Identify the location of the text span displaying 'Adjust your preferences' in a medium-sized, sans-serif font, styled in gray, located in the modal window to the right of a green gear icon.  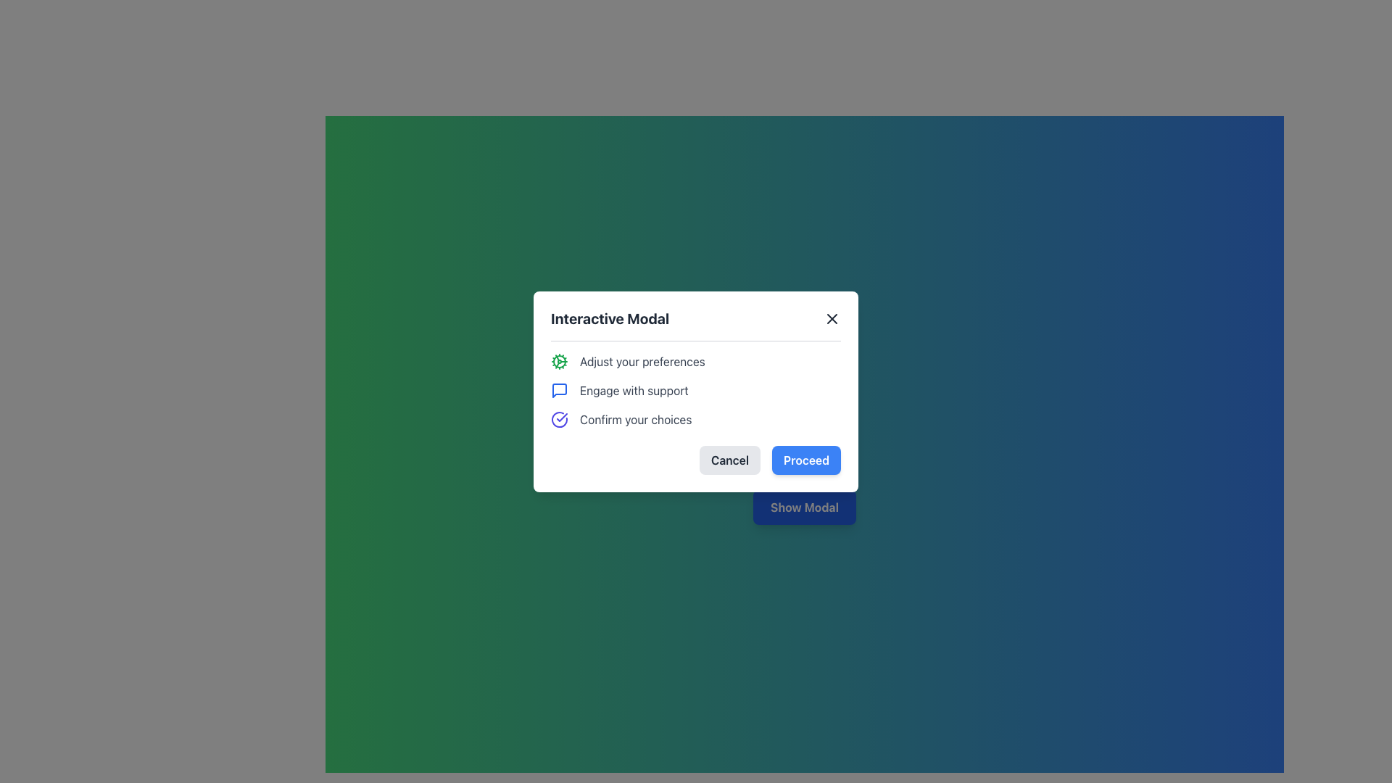
(642, 360).